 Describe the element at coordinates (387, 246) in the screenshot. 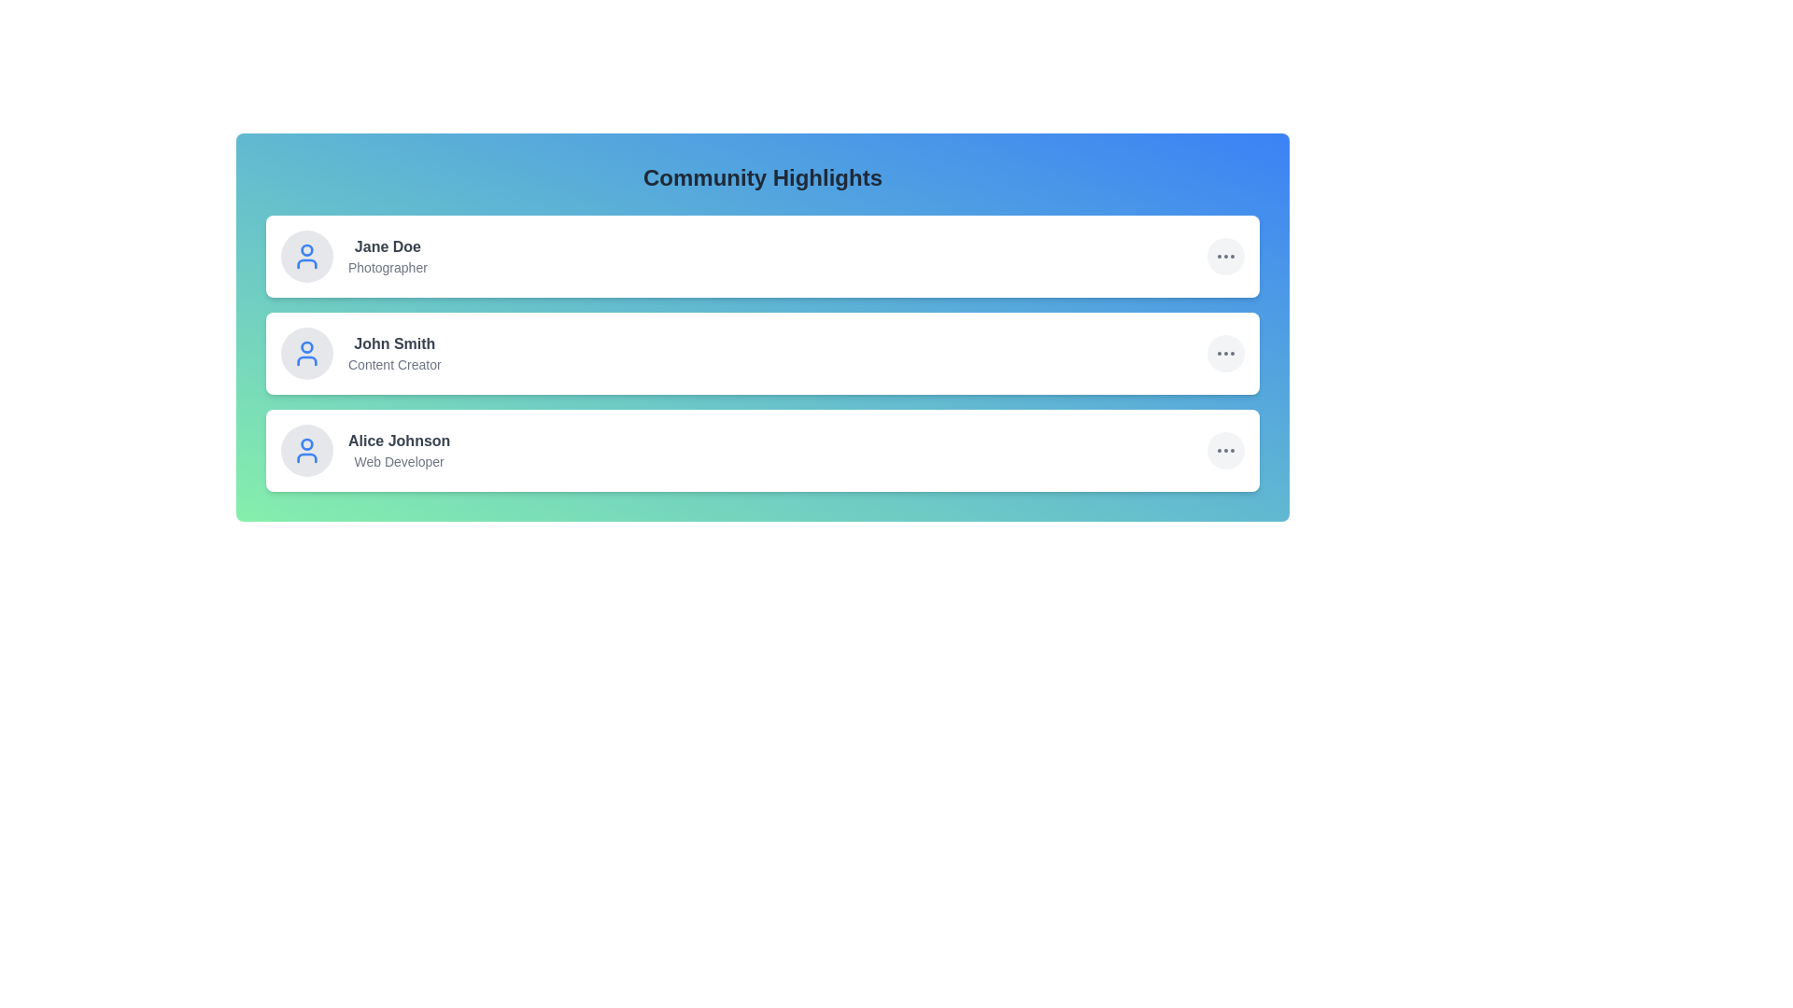

I see `text of the label displaying the name of the individual associated with the user profile, located at the top-left corner of the first user profile item` at that location.